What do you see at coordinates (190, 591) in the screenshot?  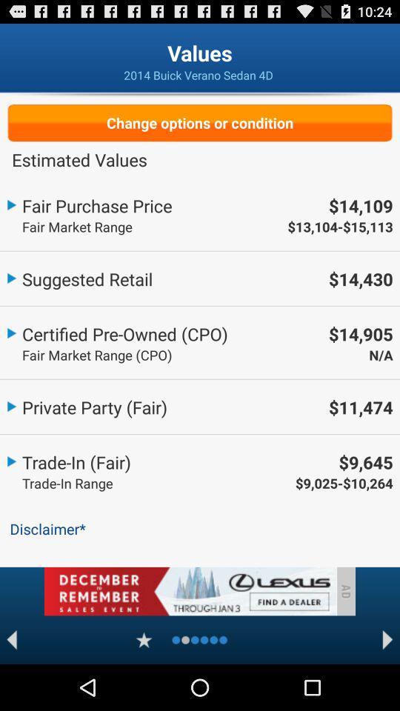 I see `advertisement` at bounding box center [190, 591].